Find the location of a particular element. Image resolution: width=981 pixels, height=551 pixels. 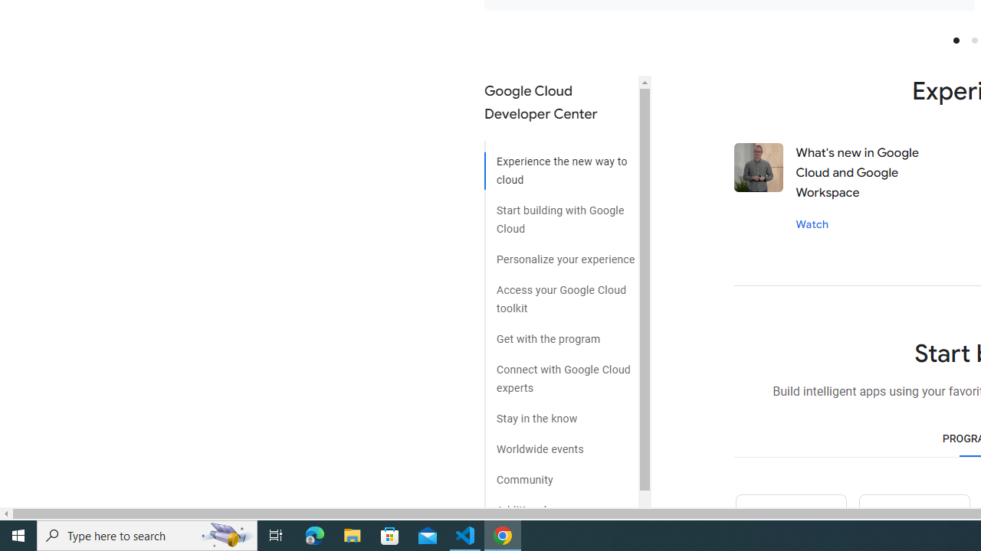

'Start building with Google Cloud' is located at coordinates (560, 214).